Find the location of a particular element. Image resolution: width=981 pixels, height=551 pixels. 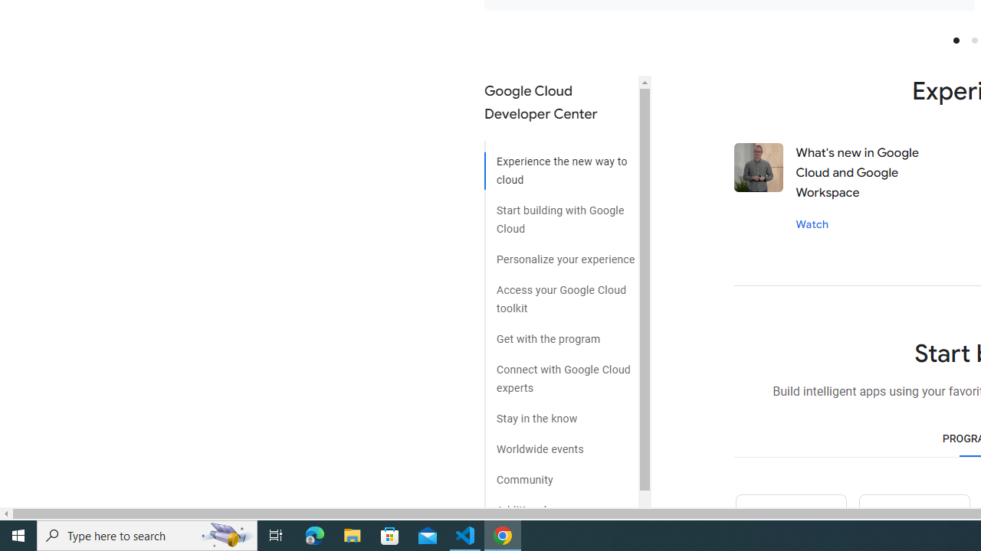

'Start building with Google Cloud' is located at coordinates (560, 214).